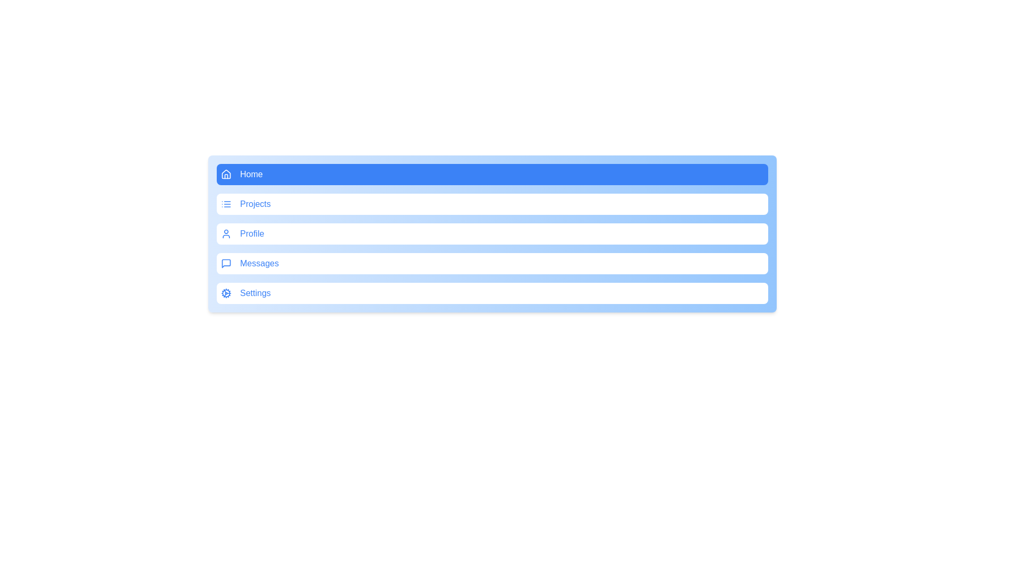  Describe the element at coordinates (491, 233) in the screenshot. I see `the navigation item labeled Profile` at that location.